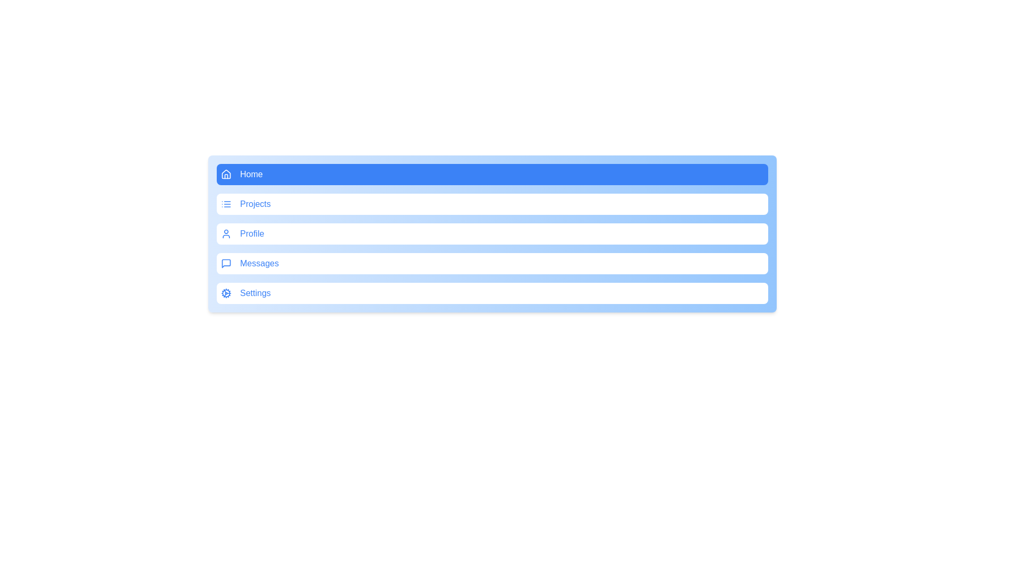  Describe the element at coordinates (491, 233) in the screenshot. I see `the navigation item labeled Profile` at that location.